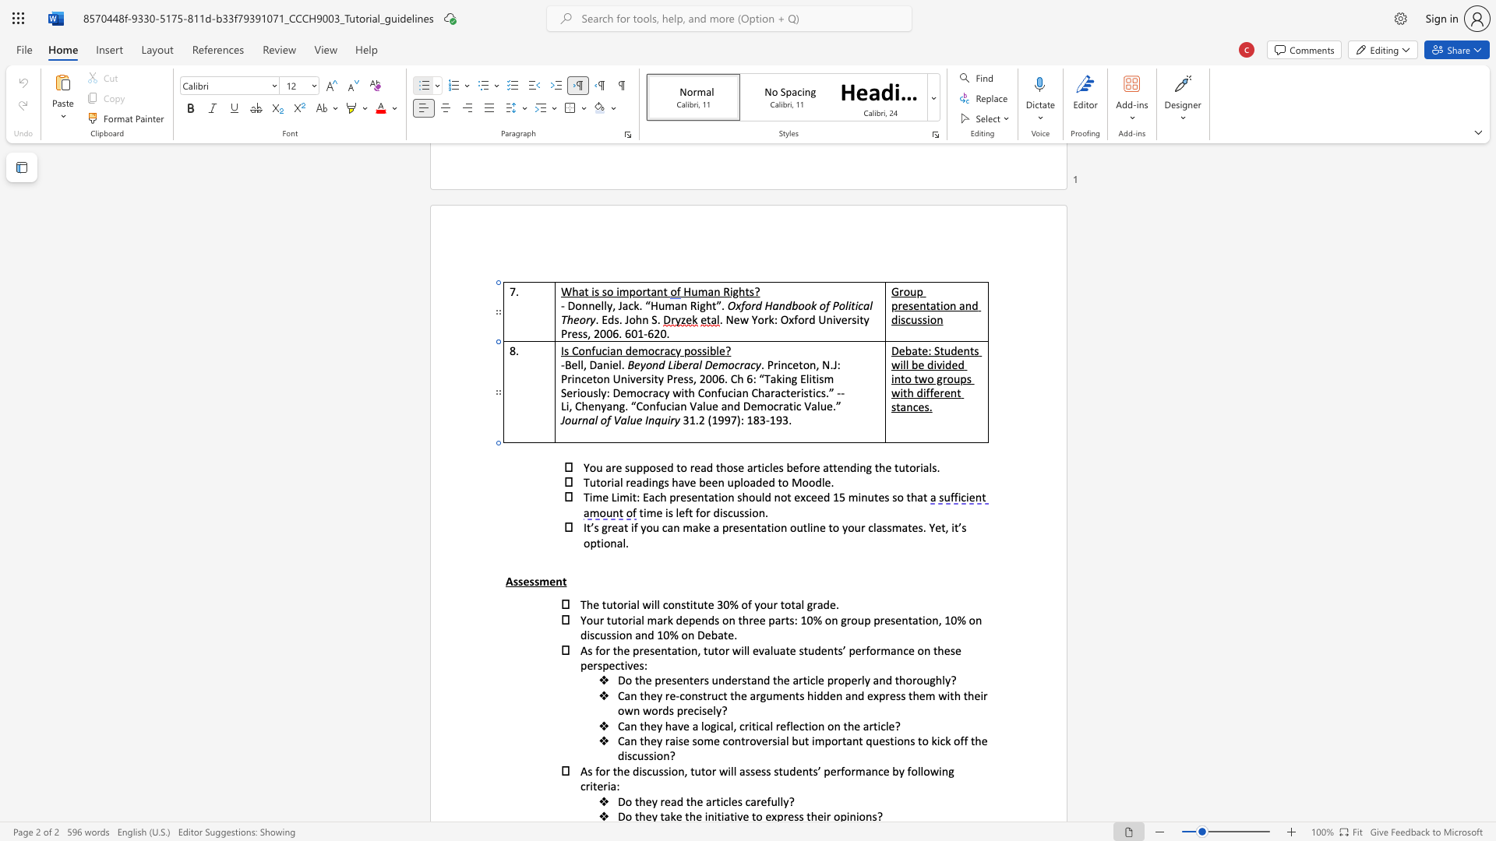 Image resolution: width=1496 pixels, height=841 pixels. Describe the element at coordinates (724, 497) in the screenshot. I see `the 1th character "o" in the text` at that location.